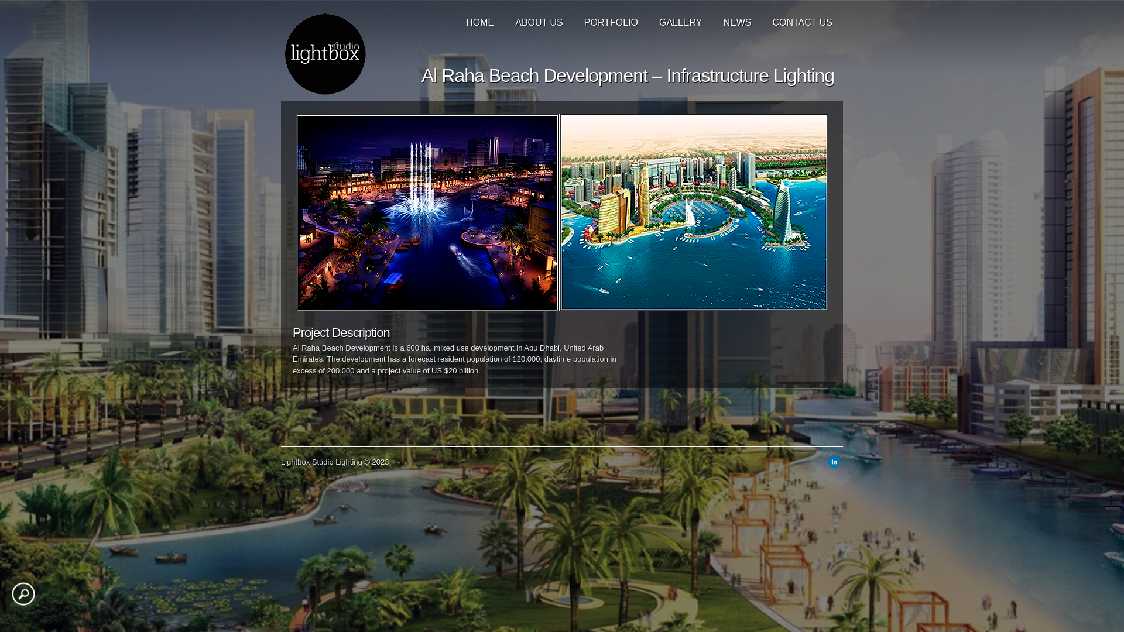 The width and height of the screenshot is (1124, 632). What do you see at coordinates (610, 19) in the screenshot?
I see `'PORTFOLIO'` at bounding box center [610, 19].